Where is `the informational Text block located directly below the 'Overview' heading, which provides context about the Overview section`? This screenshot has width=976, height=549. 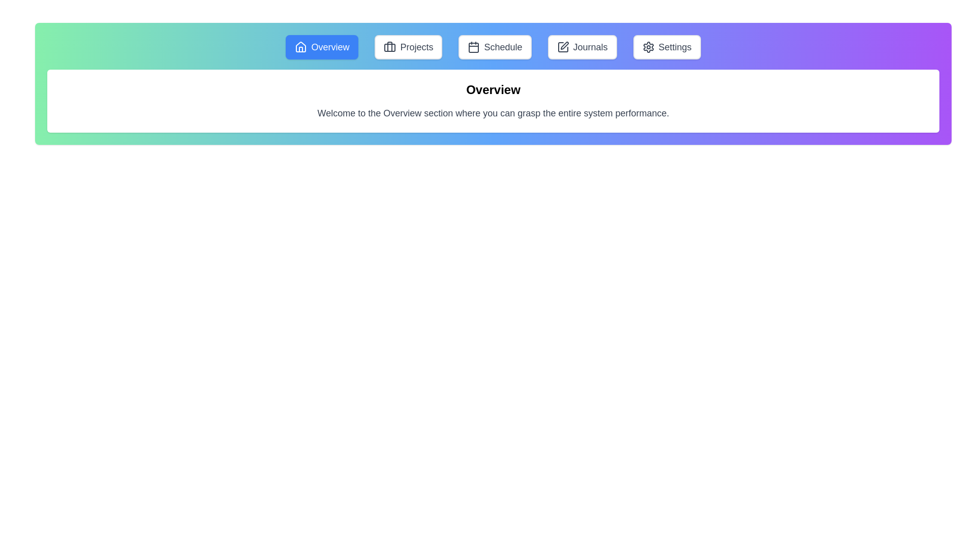
the informational Text block located directly below the 'Overview' heading, which provides context about the Overview section is located at coordinates (493, 113).